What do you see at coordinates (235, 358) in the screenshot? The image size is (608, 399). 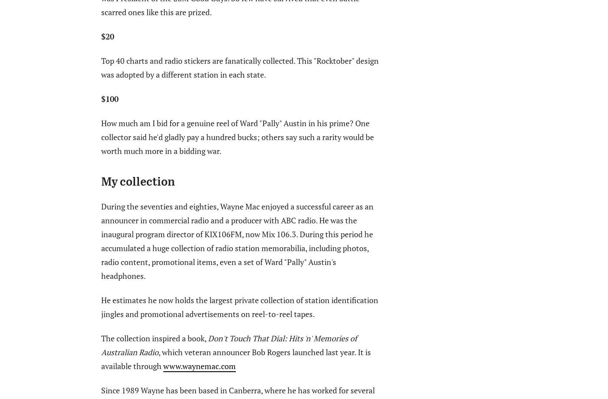 I see `', which veteran announcer Bob Rogers launched last year. It is available through'` at bounding box center [235, 358].